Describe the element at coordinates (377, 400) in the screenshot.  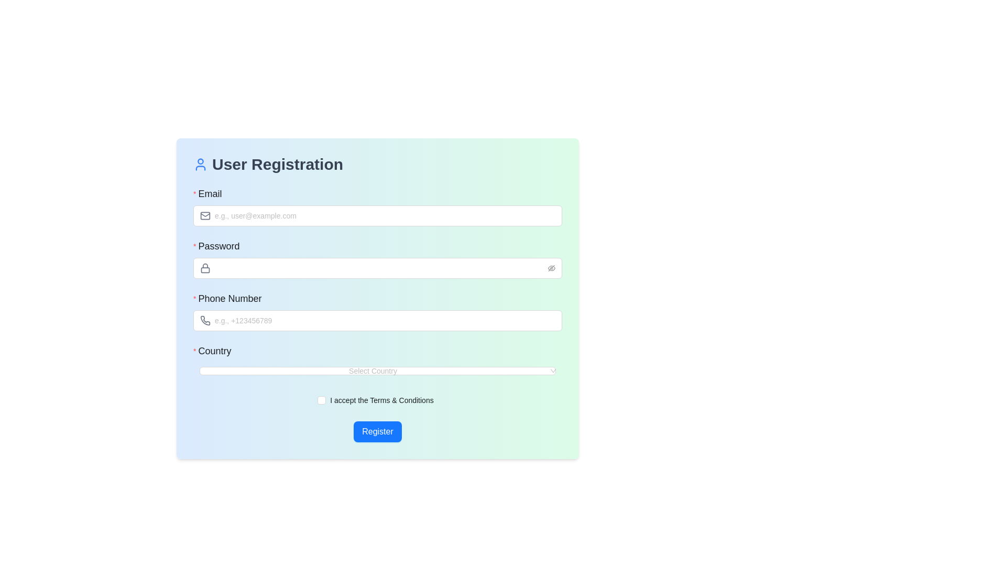
I see `the hyperlink labeled 'Terms & Conditions' next to the checkbox in the user registration form` at that location.